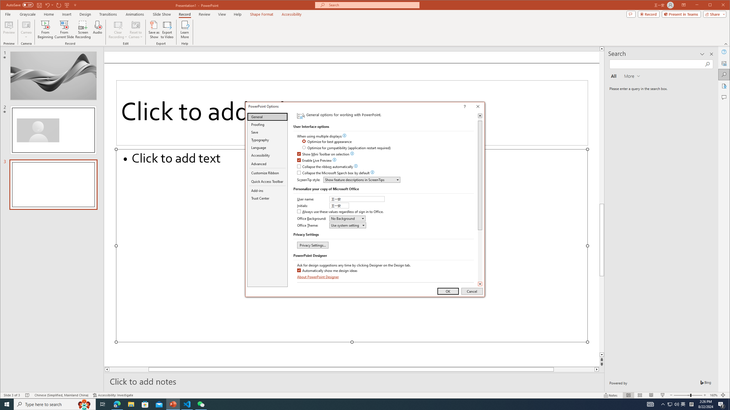 The image size is (730, 410). I want to click on 'ScreenTip style', so click(361, 180).